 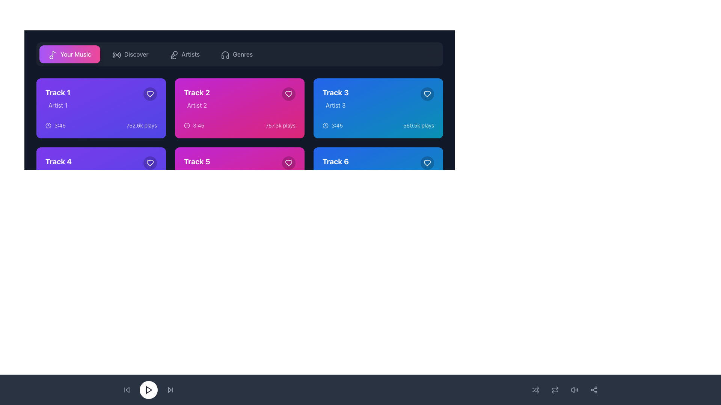 What do you see at coordinates (197, 92) in the screenshot?
I see `the text label 'Track 2' which is styled with a bold, large font in white on a bright magenta background, located at the center of the second card in the top row` at bounding box center [197, 92].